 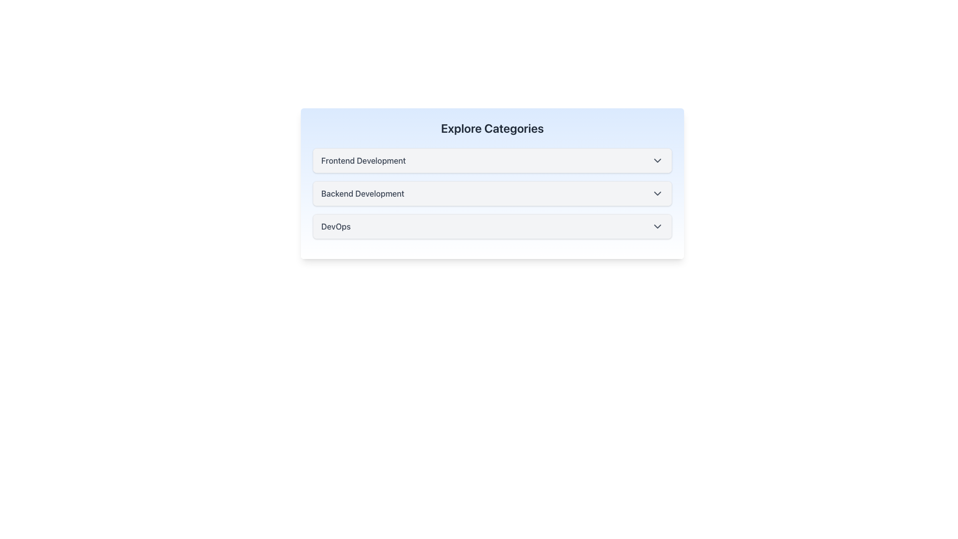 I want to click on the 'Frontend Development' button located at the top of the category list, so click(x=492, y=160).